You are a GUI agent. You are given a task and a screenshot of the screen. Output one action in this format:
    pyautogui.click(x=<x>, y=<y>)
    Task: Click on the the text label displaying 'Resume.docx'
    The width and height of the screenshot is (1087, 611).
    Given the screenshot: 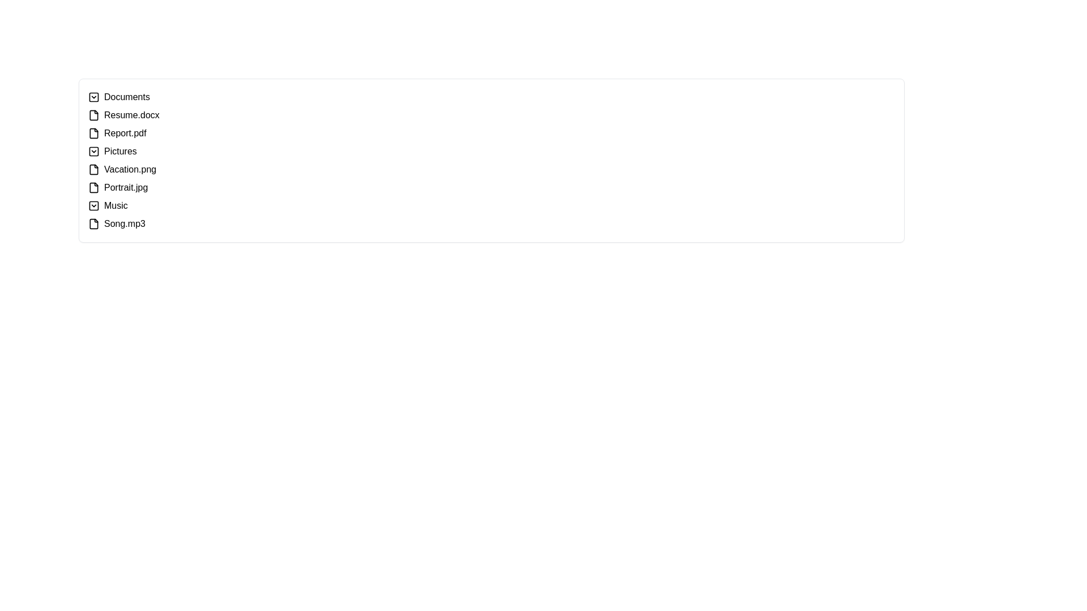 What is the action you would take?
    pyautogui.click(x=131, y=115)
    